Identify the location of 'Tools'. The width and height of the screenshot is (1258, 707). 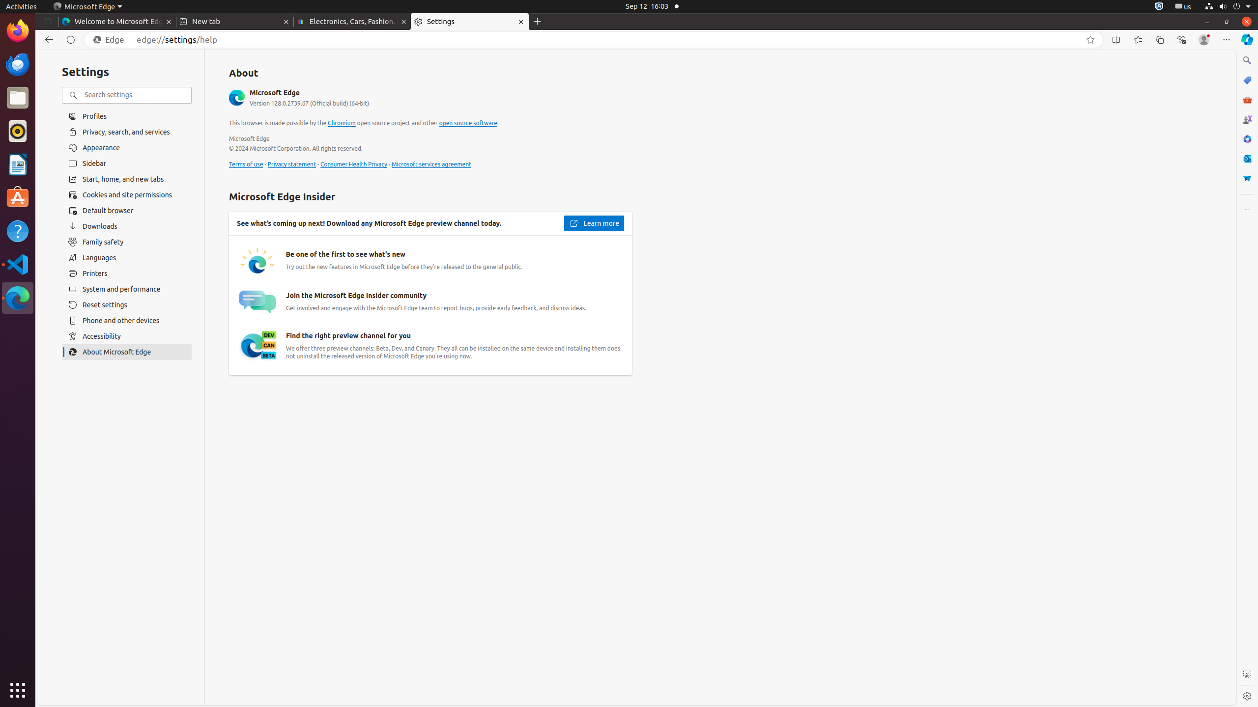
(1246, 99).